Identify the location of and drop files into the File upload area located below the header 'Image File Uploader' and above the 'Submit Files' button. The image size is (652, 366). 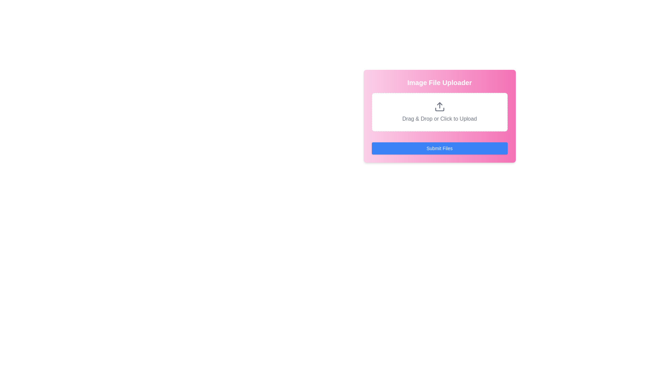
(439, 112).